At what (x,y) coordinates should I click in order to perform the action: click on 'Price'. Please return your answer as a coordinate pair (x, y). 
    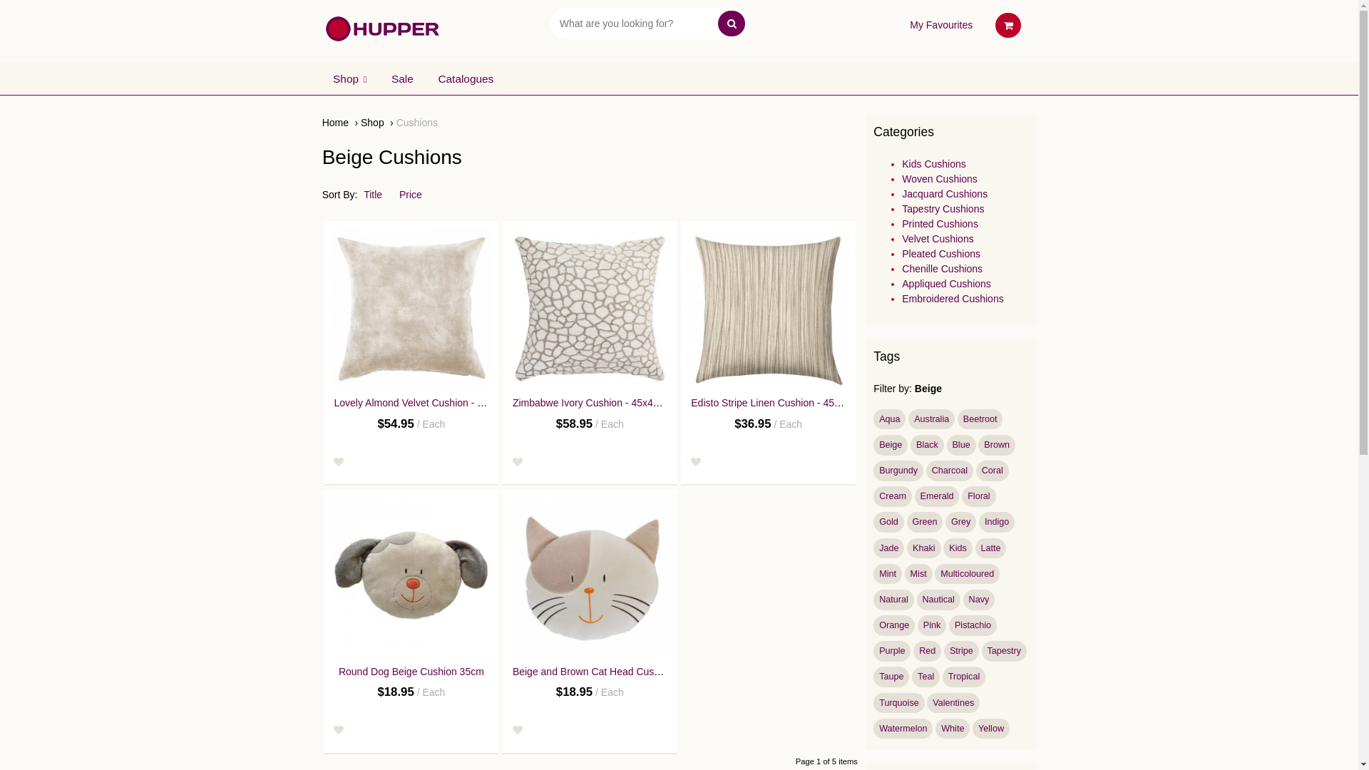
    Looking at the image, I should click on (416, 195).